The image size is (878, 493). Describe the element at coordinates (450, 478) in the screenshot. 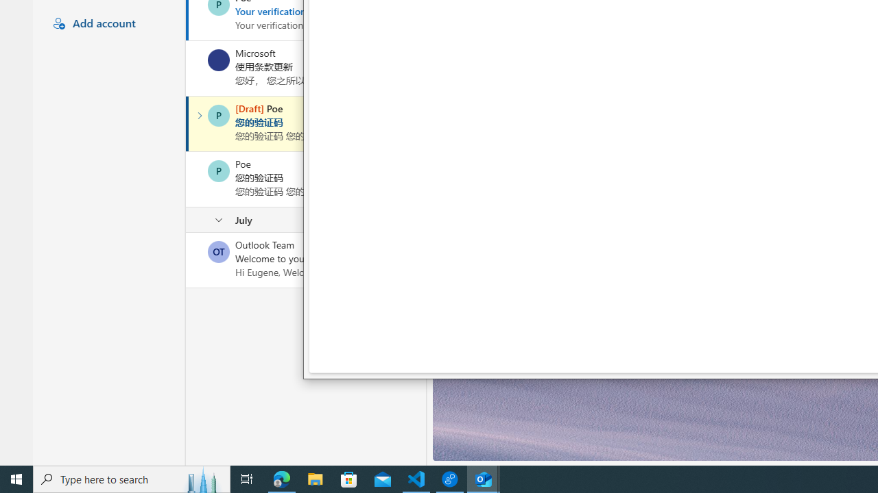

I see `'Edge Feedback - 1 running window'` at that location.